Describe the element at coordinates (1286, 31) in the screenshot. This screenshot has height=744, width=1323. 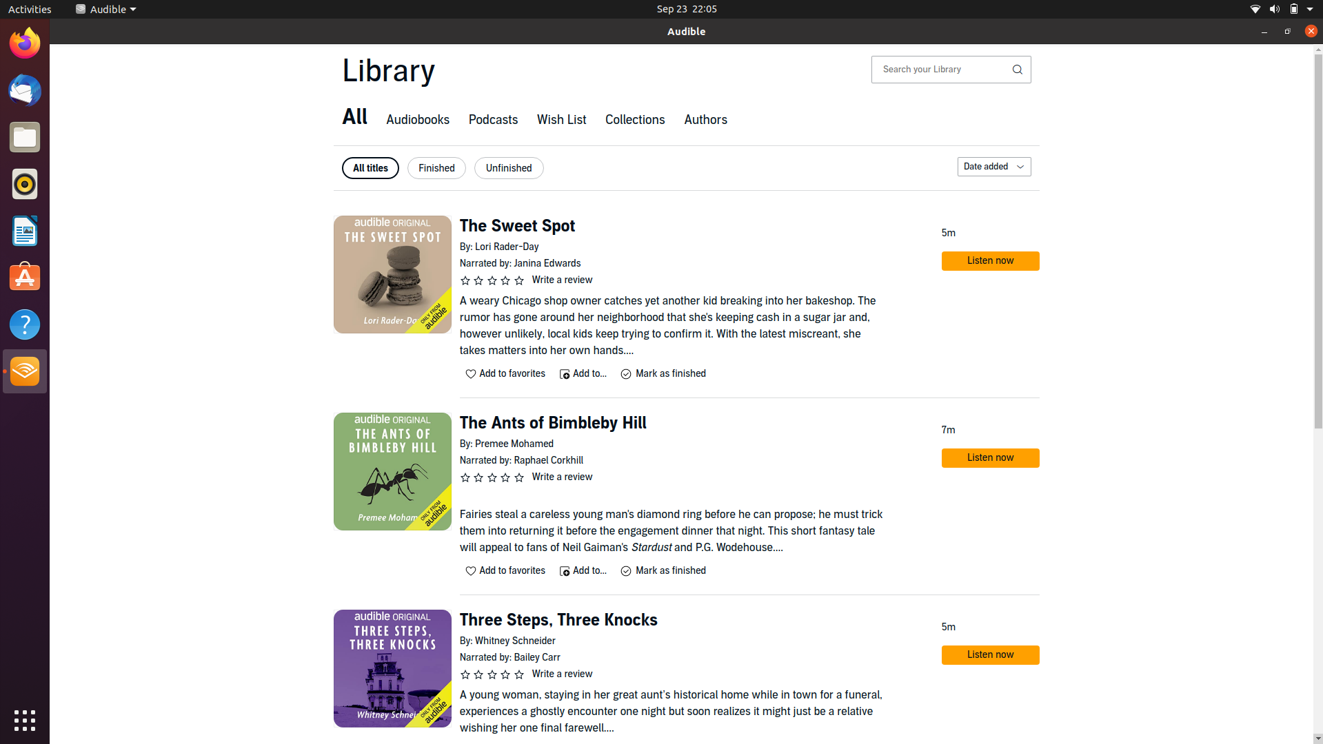
I see `Maximize screen` at that location.